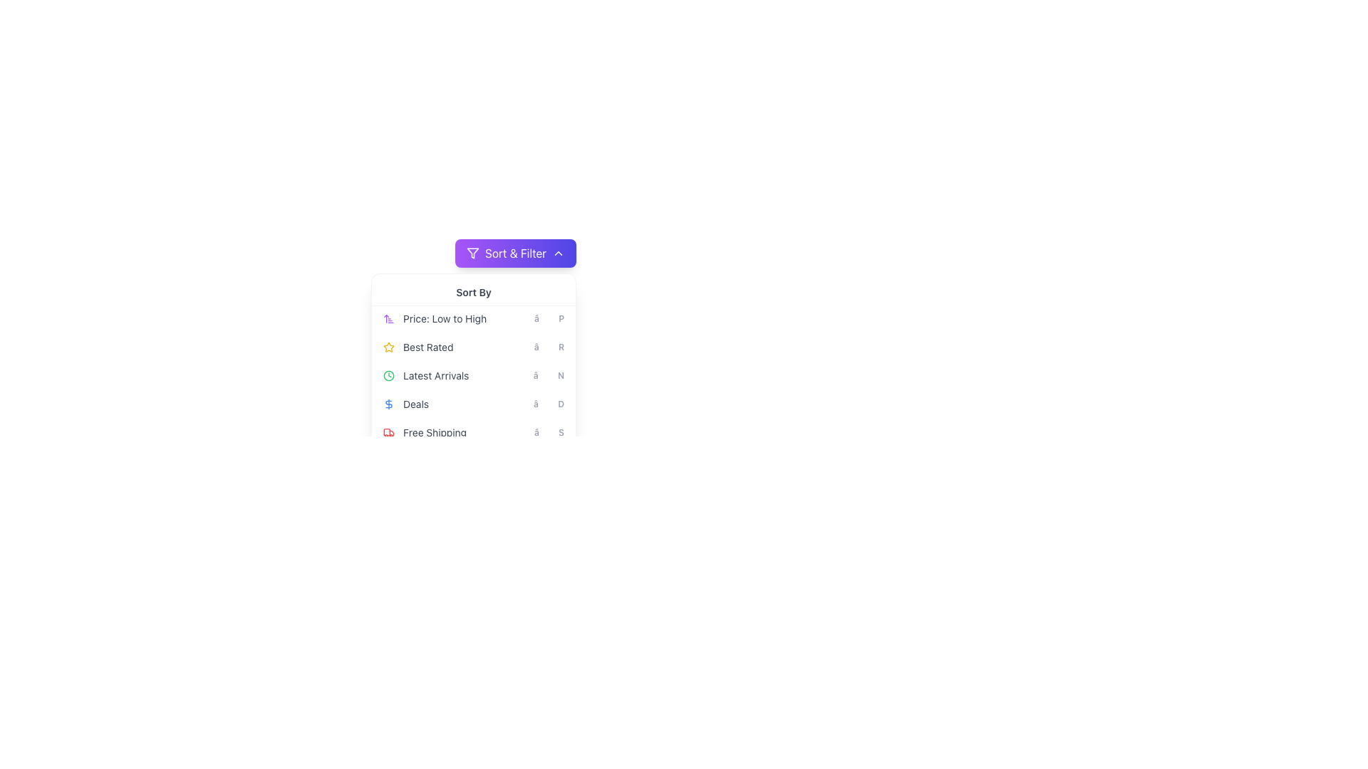  Describe the element at coordinates (474, 292) in the screenshot. I see `the Text Label indicating the category of sorting options in the 'Sort & Filter' dropdown menu, located at the top of the menu` at that location.